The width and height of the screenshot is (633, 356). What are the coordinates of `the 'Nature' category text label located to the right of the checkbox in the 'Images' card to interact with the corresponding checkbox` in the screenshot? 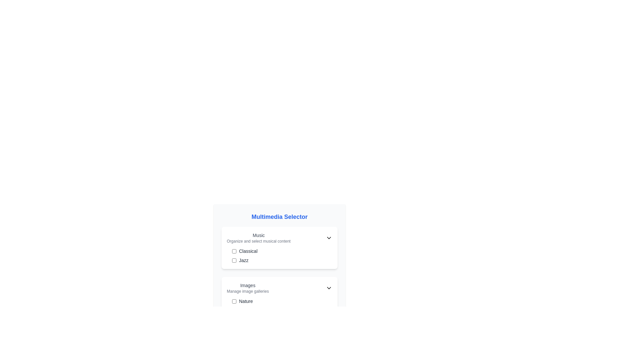 It's located at (245, 301).